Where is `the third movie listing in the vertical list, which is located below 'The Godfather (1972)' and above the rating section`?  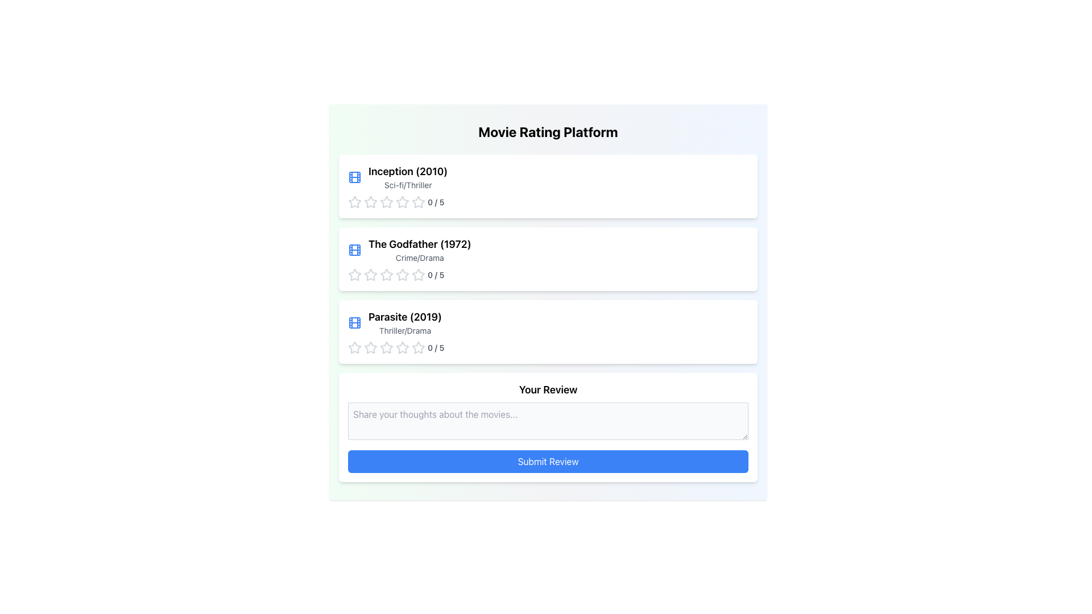
the third movie listing in the vertical list, which is located below 'The Godfather (1972)' and above the rating section is located at coordinates (405, 322).